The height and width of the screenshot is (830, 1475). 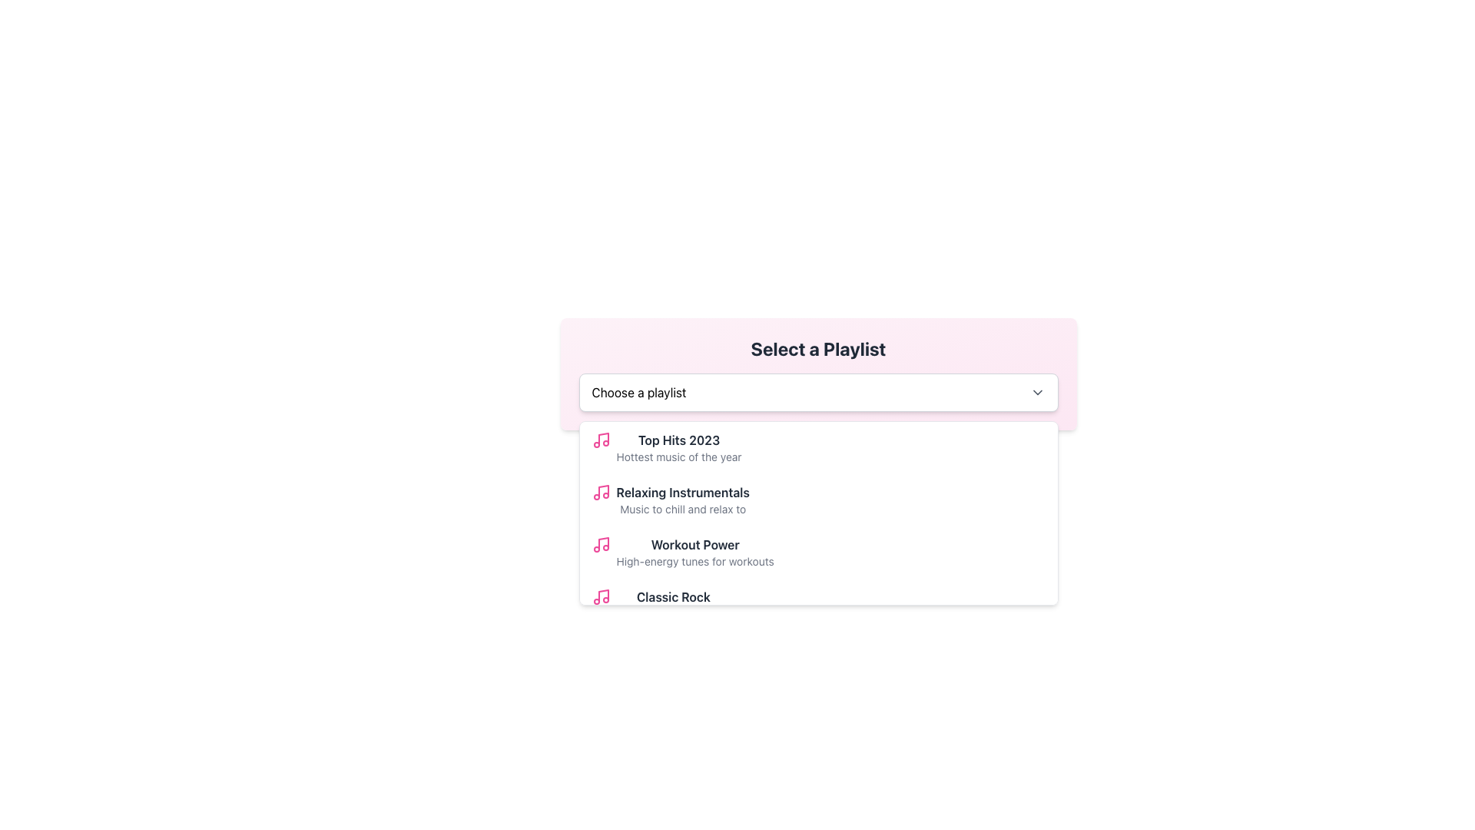 I want to click on the pink musical note icon located to the left of the text 'Top Hits 2023' in the playlist dropdown, so click(x=600, y=440).